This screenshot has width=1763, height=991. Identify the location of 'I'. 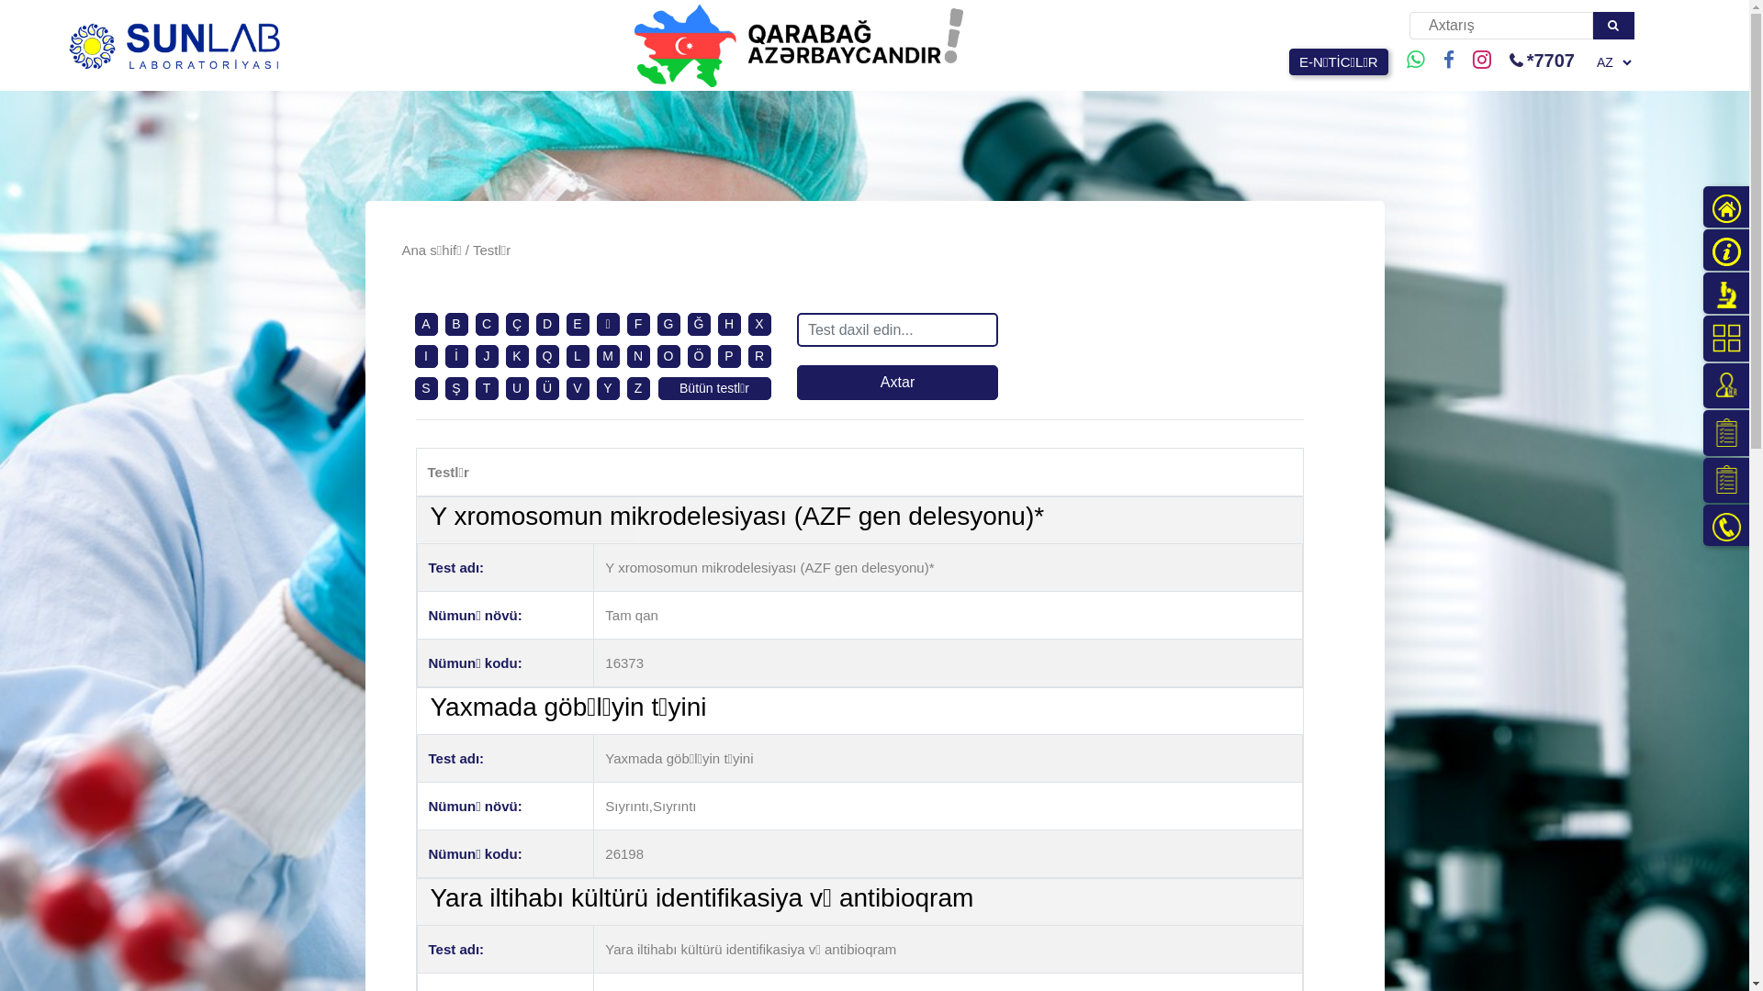
(425, 356).